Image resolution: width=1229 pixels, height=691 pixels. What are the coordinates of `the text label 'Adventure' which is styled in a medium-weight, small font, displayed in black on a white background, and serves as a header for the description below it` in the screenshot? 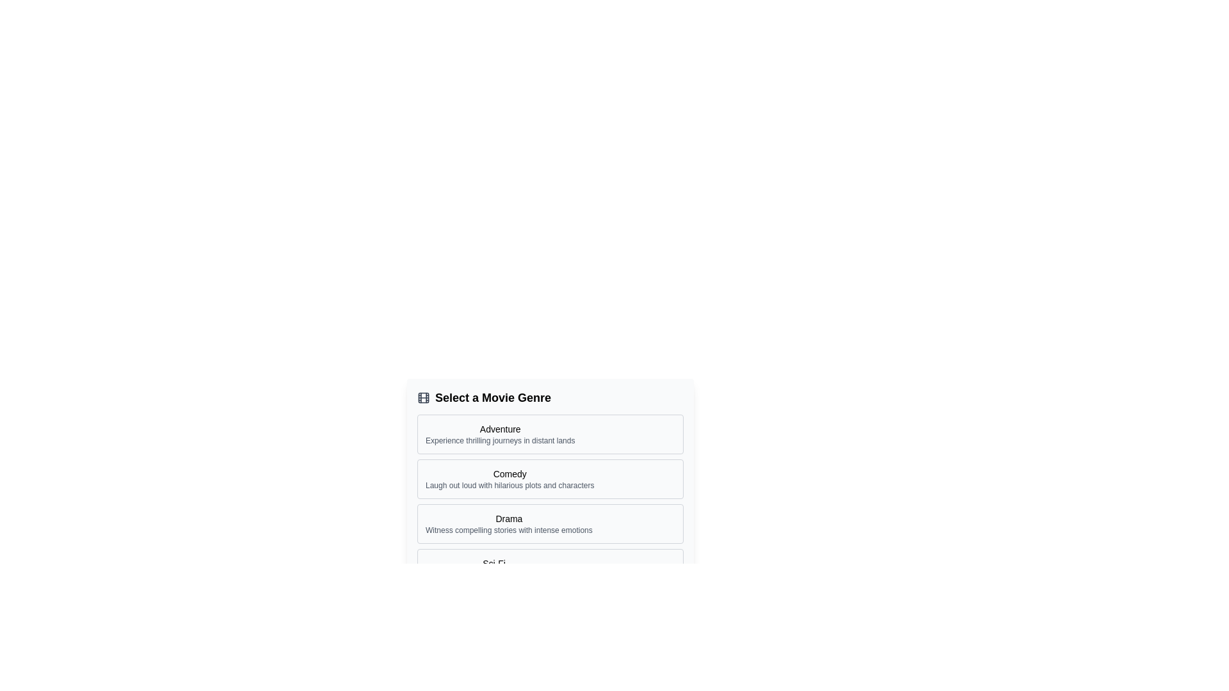 It's located at (499, 429).